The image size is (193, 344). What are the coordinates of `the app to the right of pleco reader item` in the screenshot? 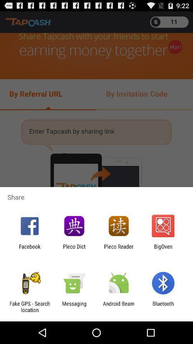 It's located at (163, 249).